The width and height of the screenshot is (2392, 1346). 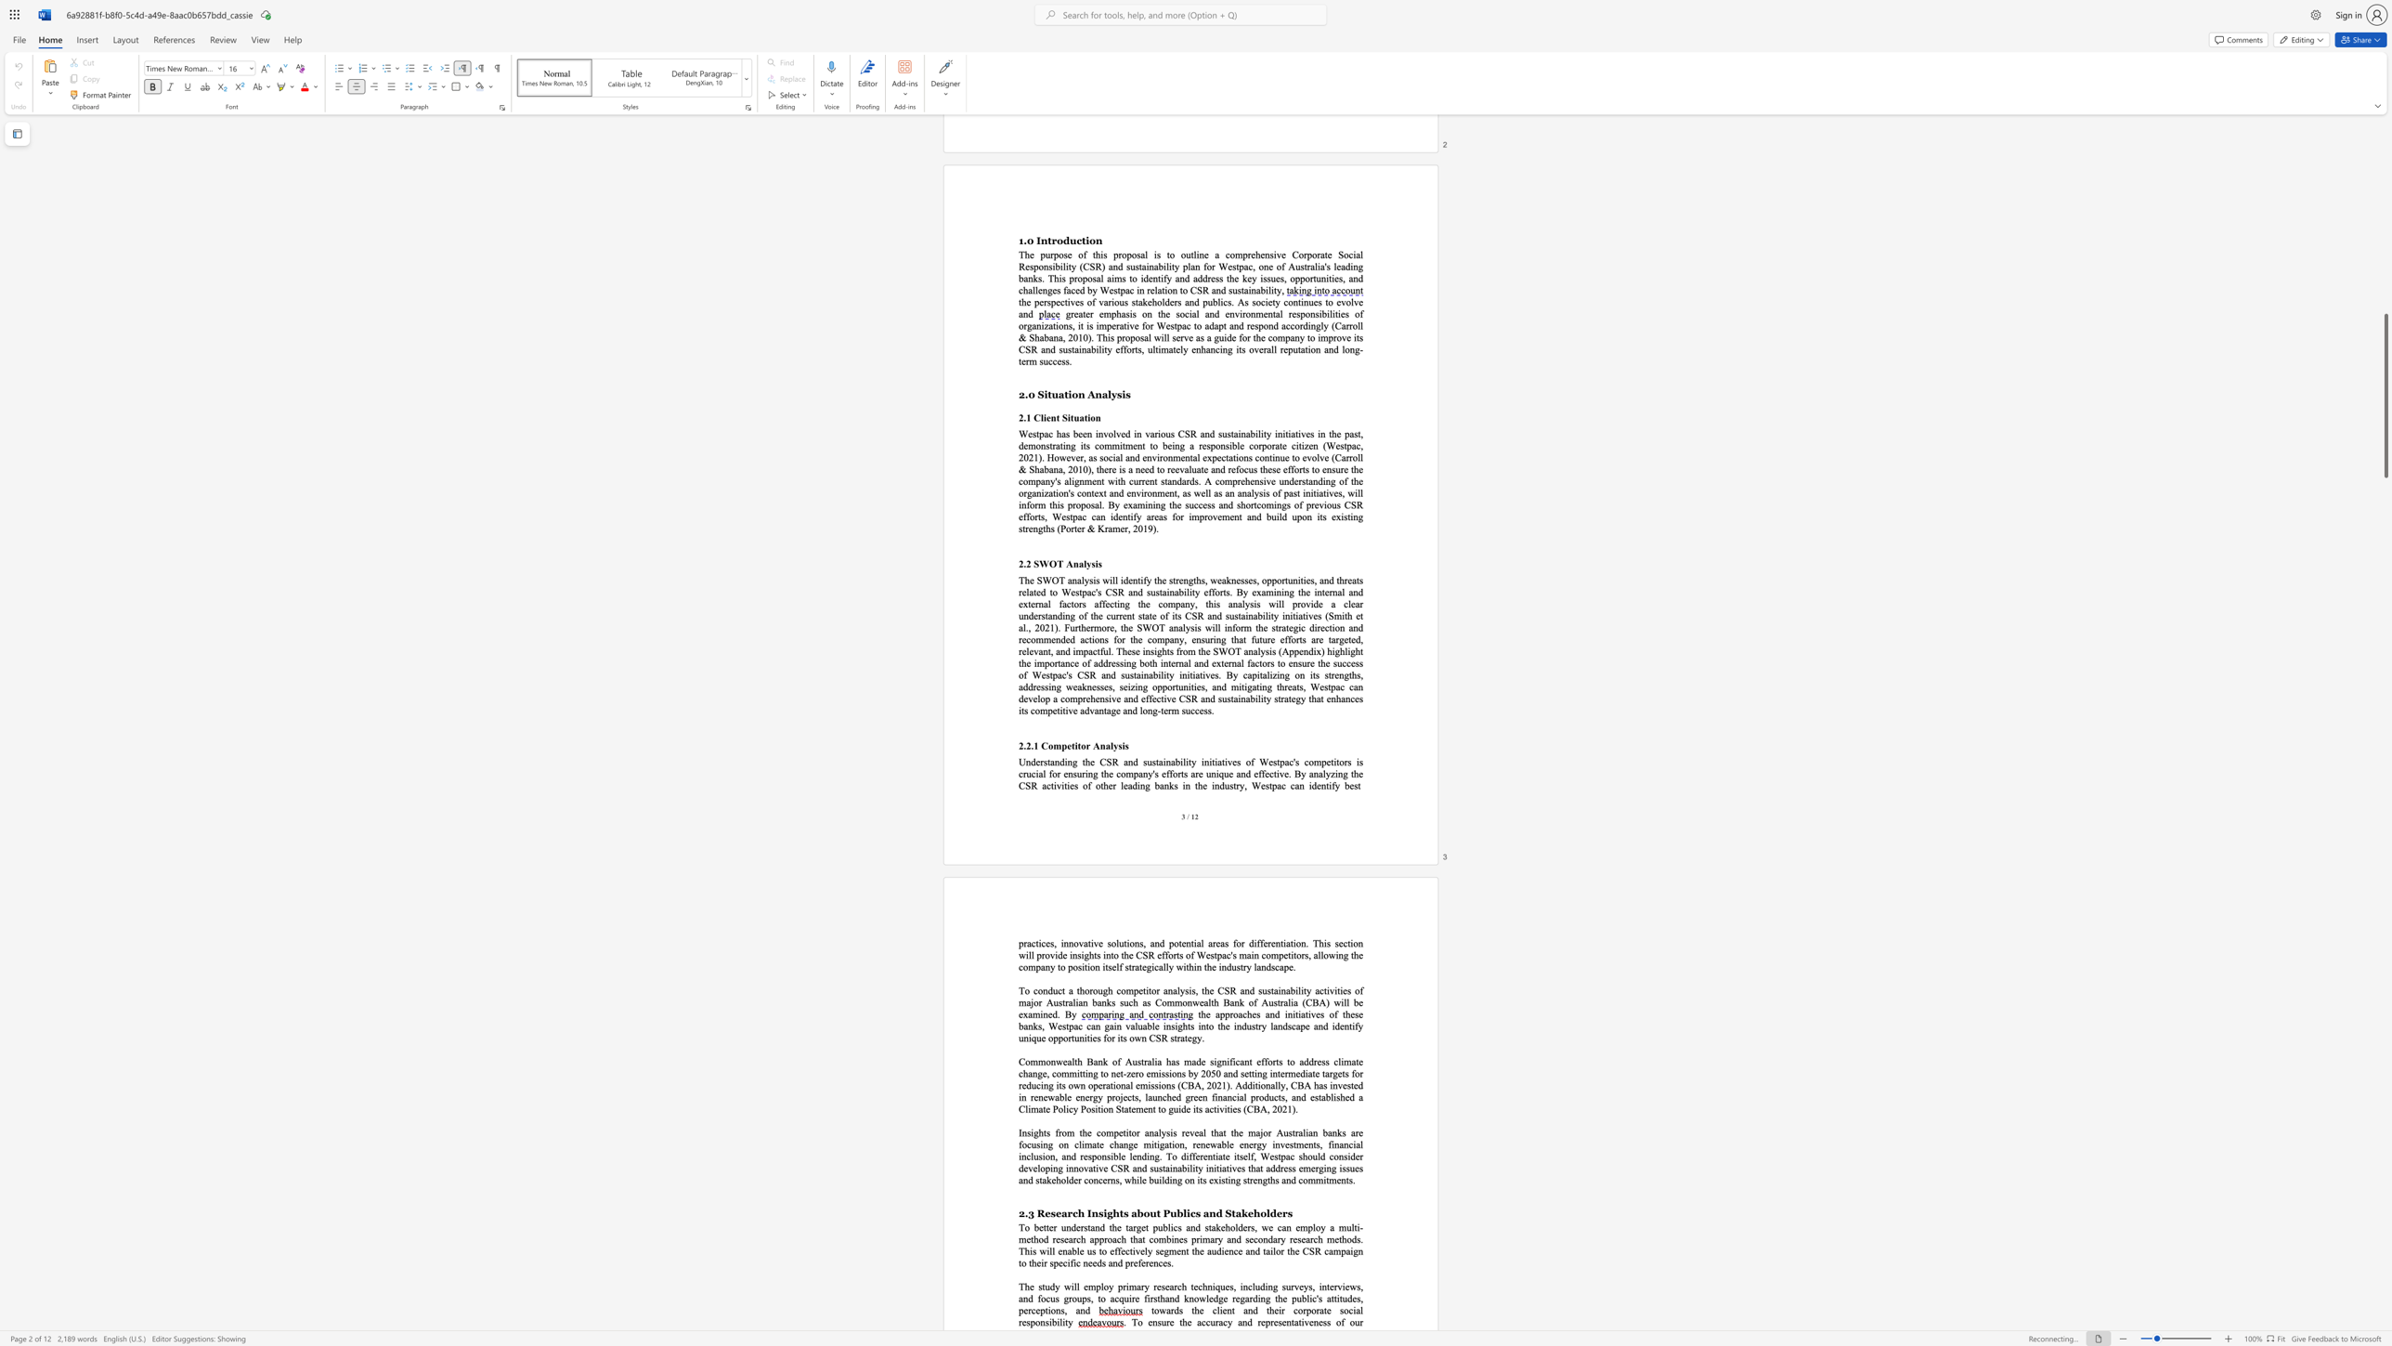 I want to click on the 1th character "v" in the text, so click(x=1296, y=1286).